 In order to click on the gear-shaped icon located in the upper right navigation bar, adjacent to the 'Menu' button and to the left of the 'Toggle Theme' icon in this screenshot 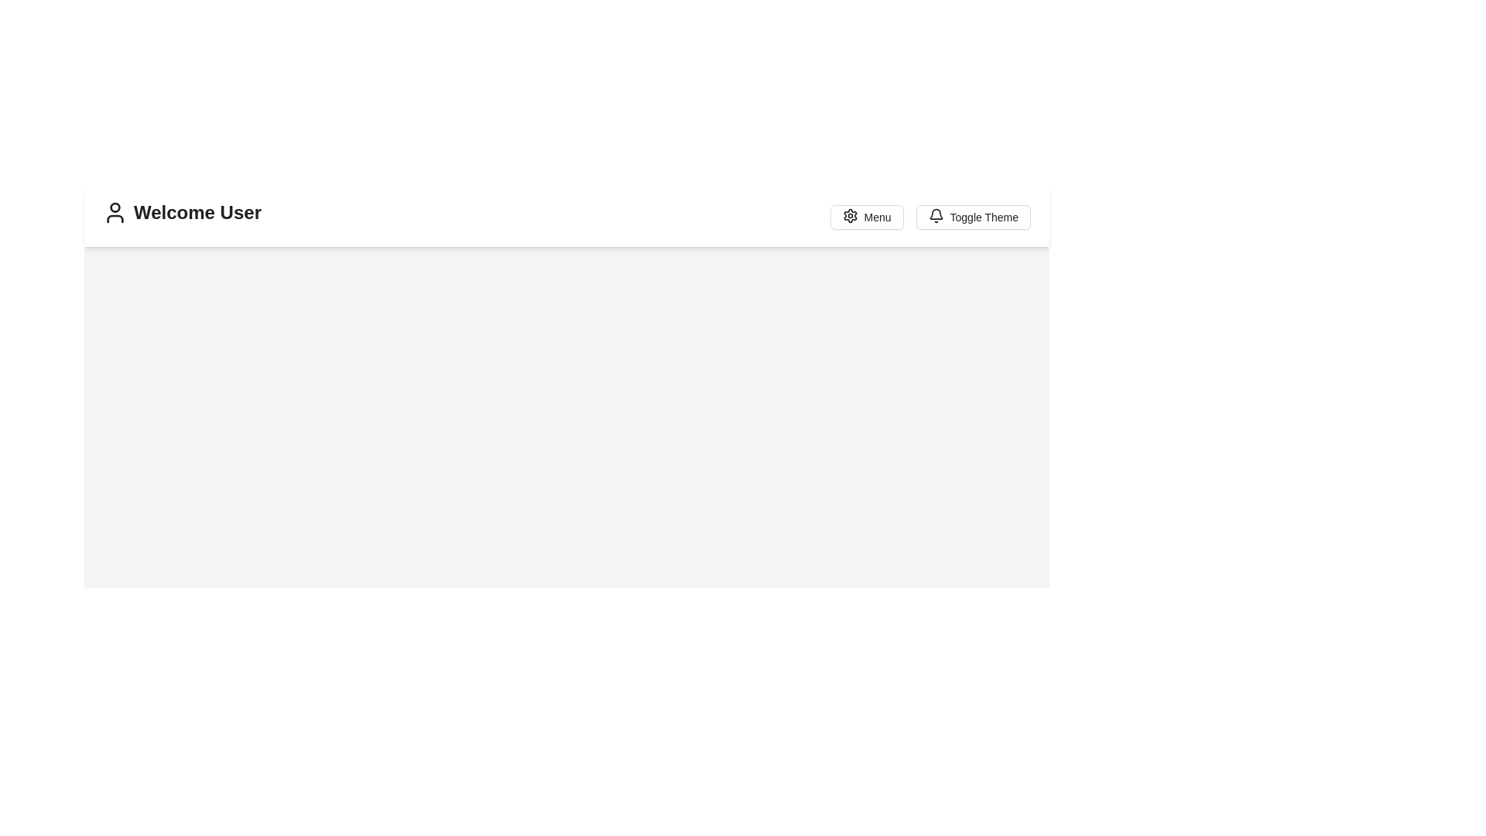, I will do `click(849, 215)`.